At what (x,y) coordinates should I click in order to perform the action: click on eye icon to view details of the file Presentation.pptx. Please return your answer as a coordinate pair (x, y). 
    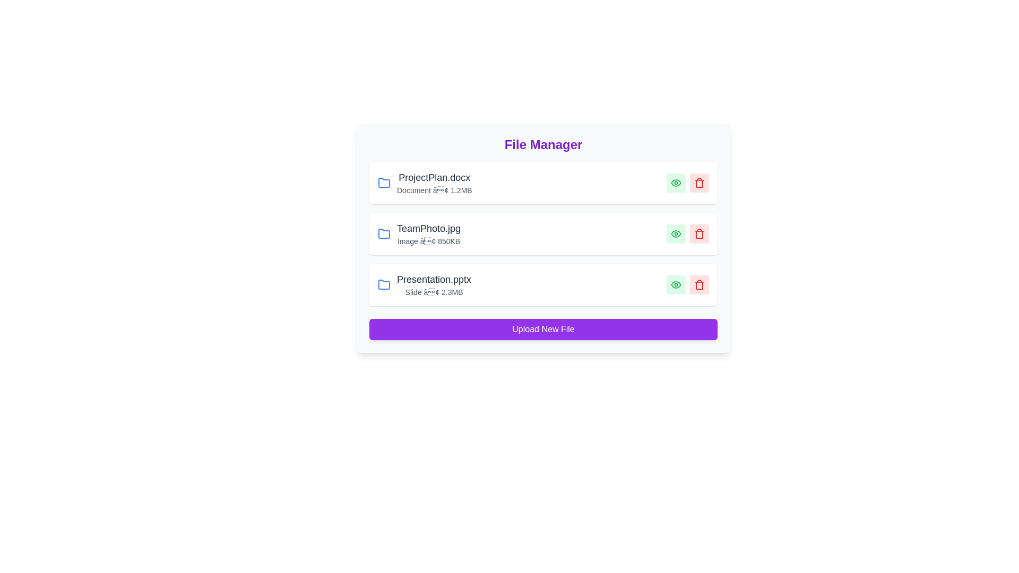
    Looking at the image, I should click on (675, 284).